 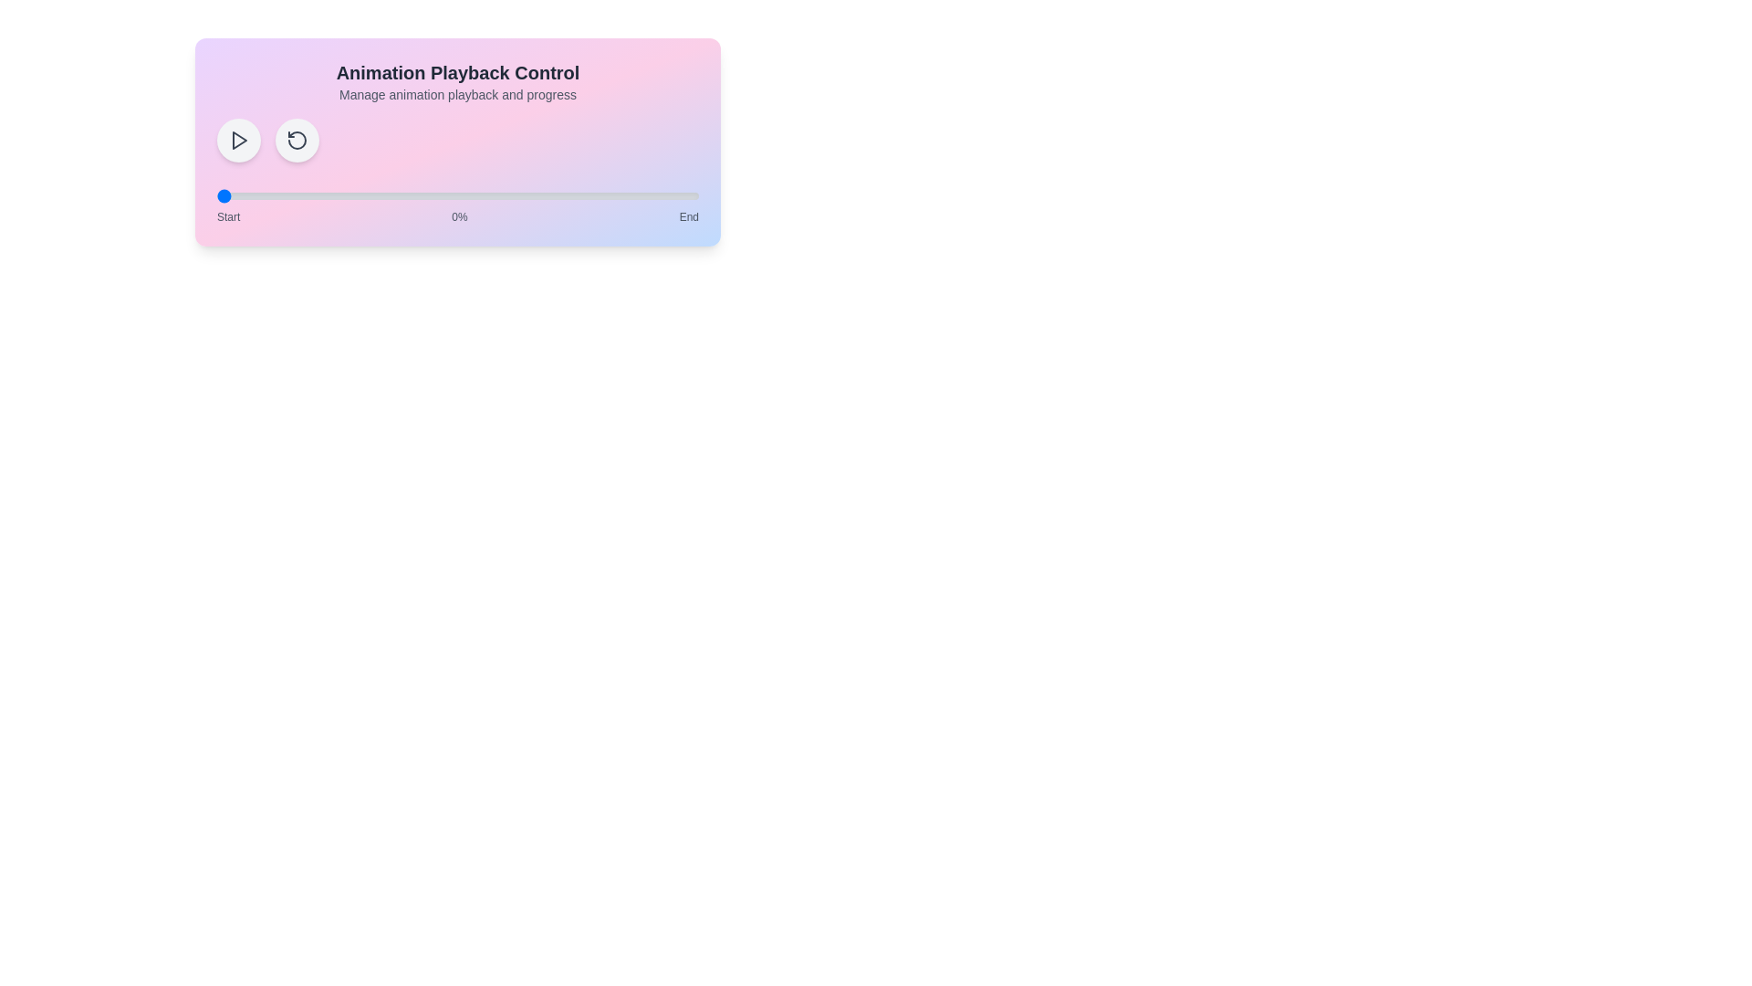 What do you see at coordinates (626, 196) in the screenshot?
I see `the animation progress to 85% by interacting with the range slider` at bounding box center [626, 196].